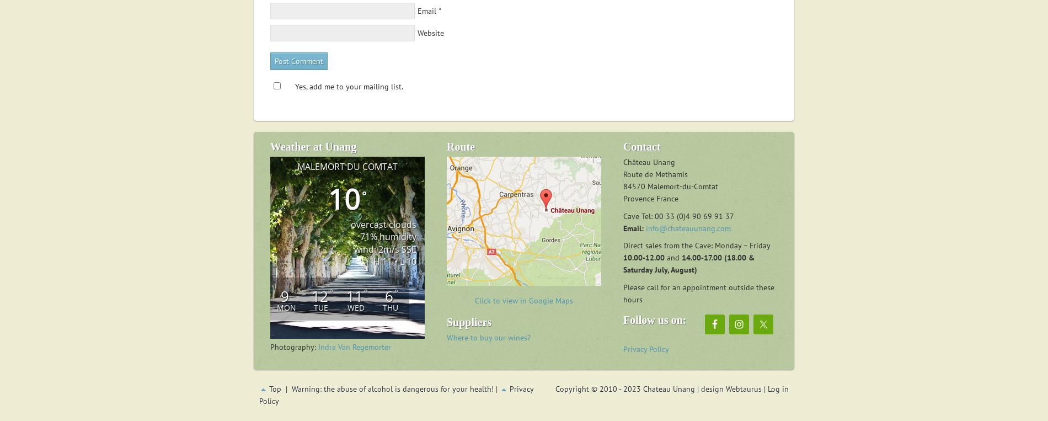 The height and width of the screenshot is (421, 1048). I want to click on '10', so click(328, 198).